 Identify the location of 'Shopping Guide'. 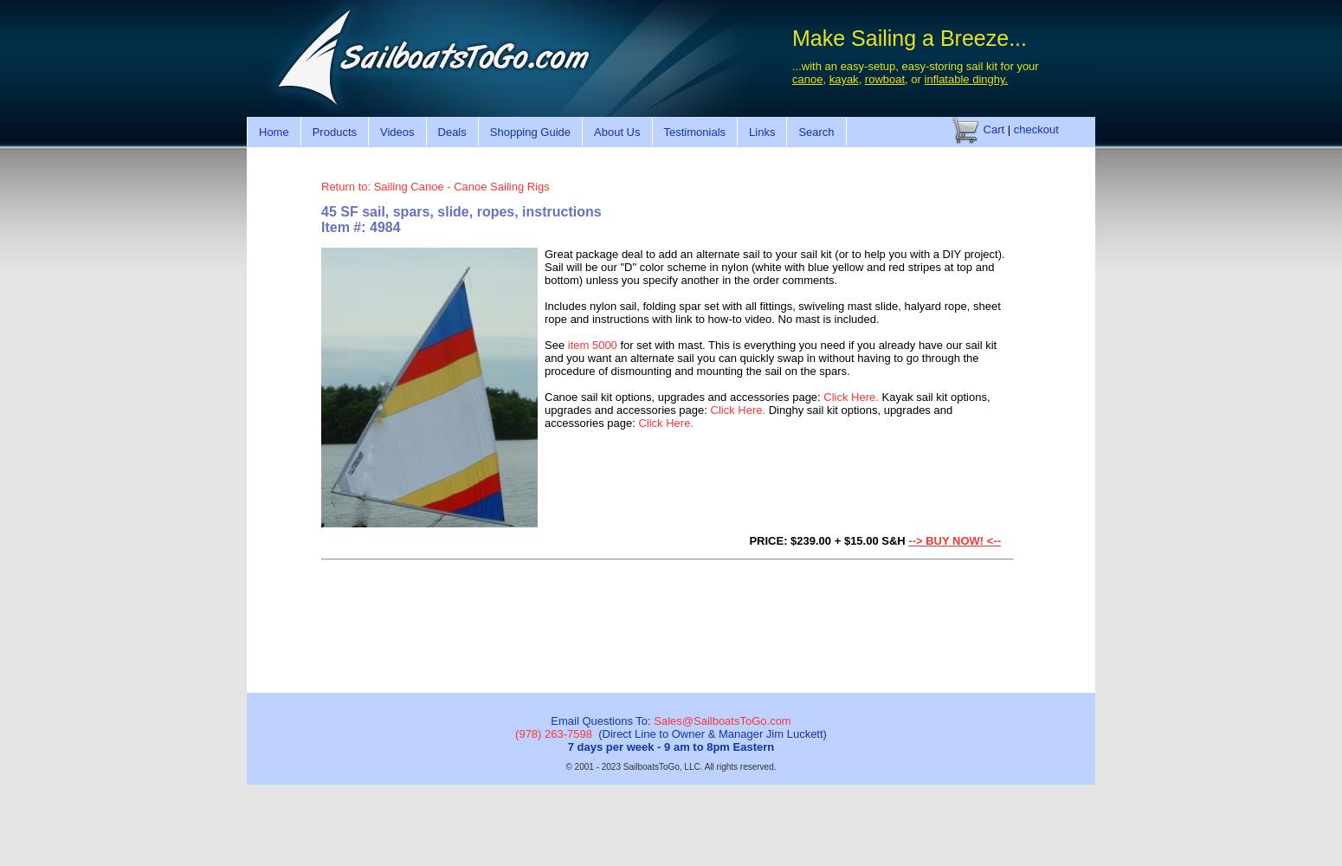
(529, 131).